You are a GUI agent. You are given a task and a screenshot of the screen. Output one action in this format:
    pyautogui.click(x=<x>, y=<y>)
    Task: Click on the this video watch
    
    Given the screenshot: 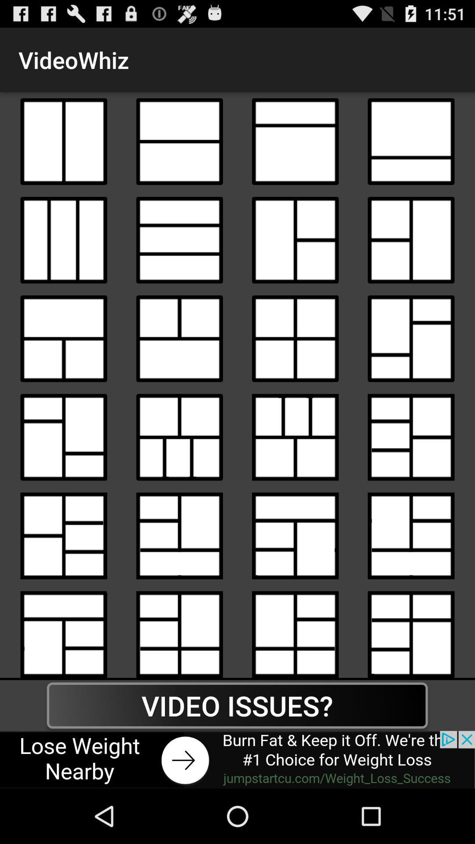 What is the action you would take?
    pyautogui.click(x=179, y=240)
    